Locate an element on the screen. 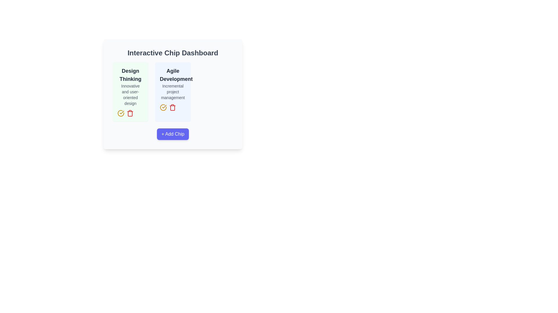 The height and width of the screenshot is (313, 558). the first icon representing a selectable status or confirmation action in the 'Agile Development' section located at the bottom left corner of the right tile is located at coordinates (163, 107).